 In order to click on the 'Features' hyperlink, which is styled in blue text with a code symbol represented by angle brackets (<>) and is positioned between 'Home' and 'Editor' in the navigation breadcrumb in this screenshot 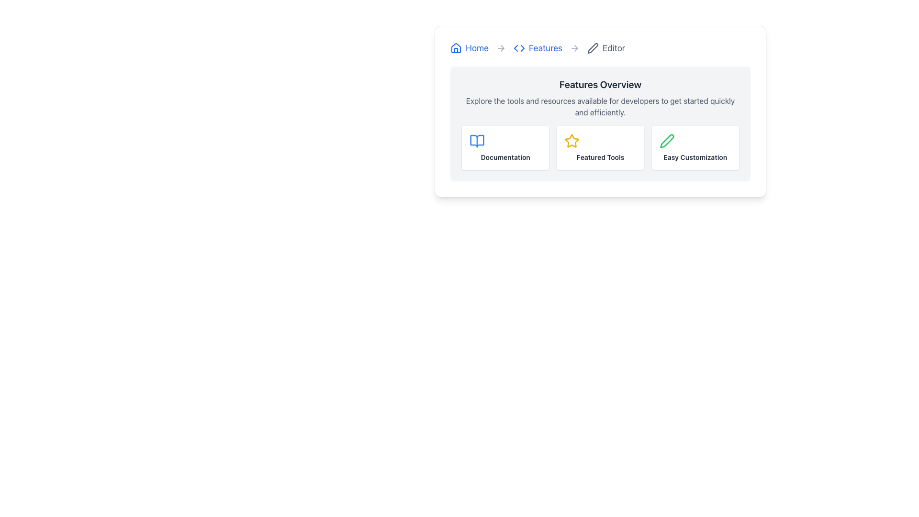, I will do `click(538, 48)`.